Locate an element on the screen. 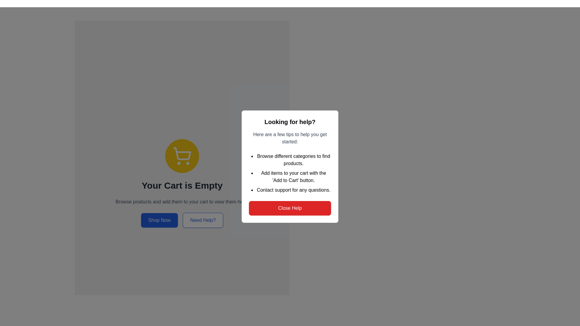 The width and height of the screenshot is (580, 326). the introductory subheading label located in the help popup, which provides context for the list of tips below it is located at coordinates (290, 138).